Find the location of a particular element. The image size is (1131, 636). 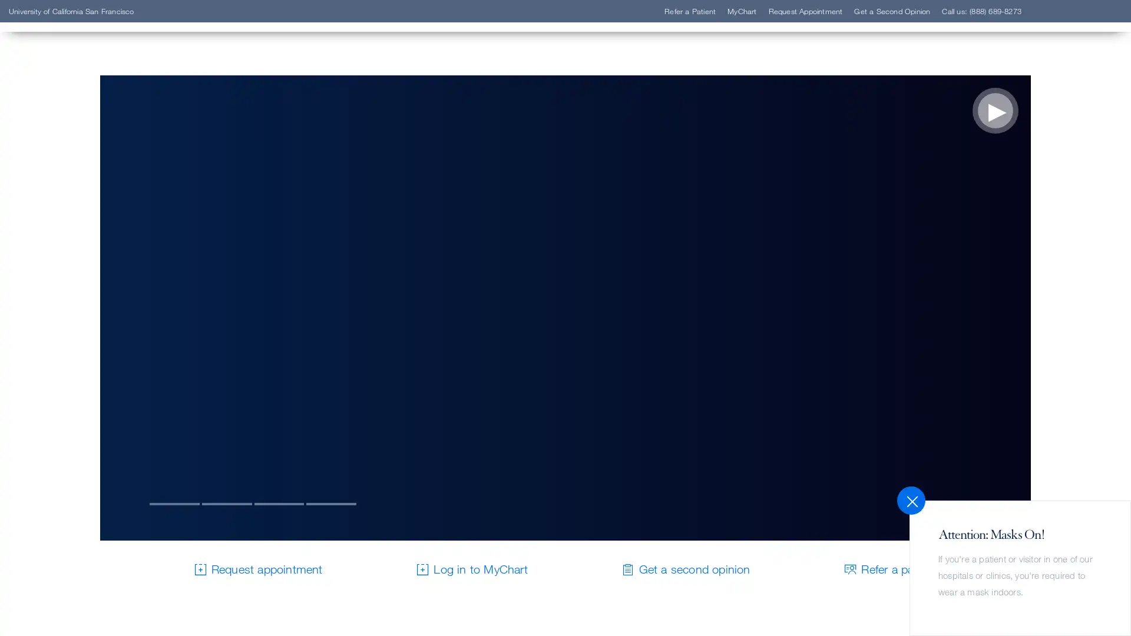

Find a Doctor is located at coordinates (81, 173).